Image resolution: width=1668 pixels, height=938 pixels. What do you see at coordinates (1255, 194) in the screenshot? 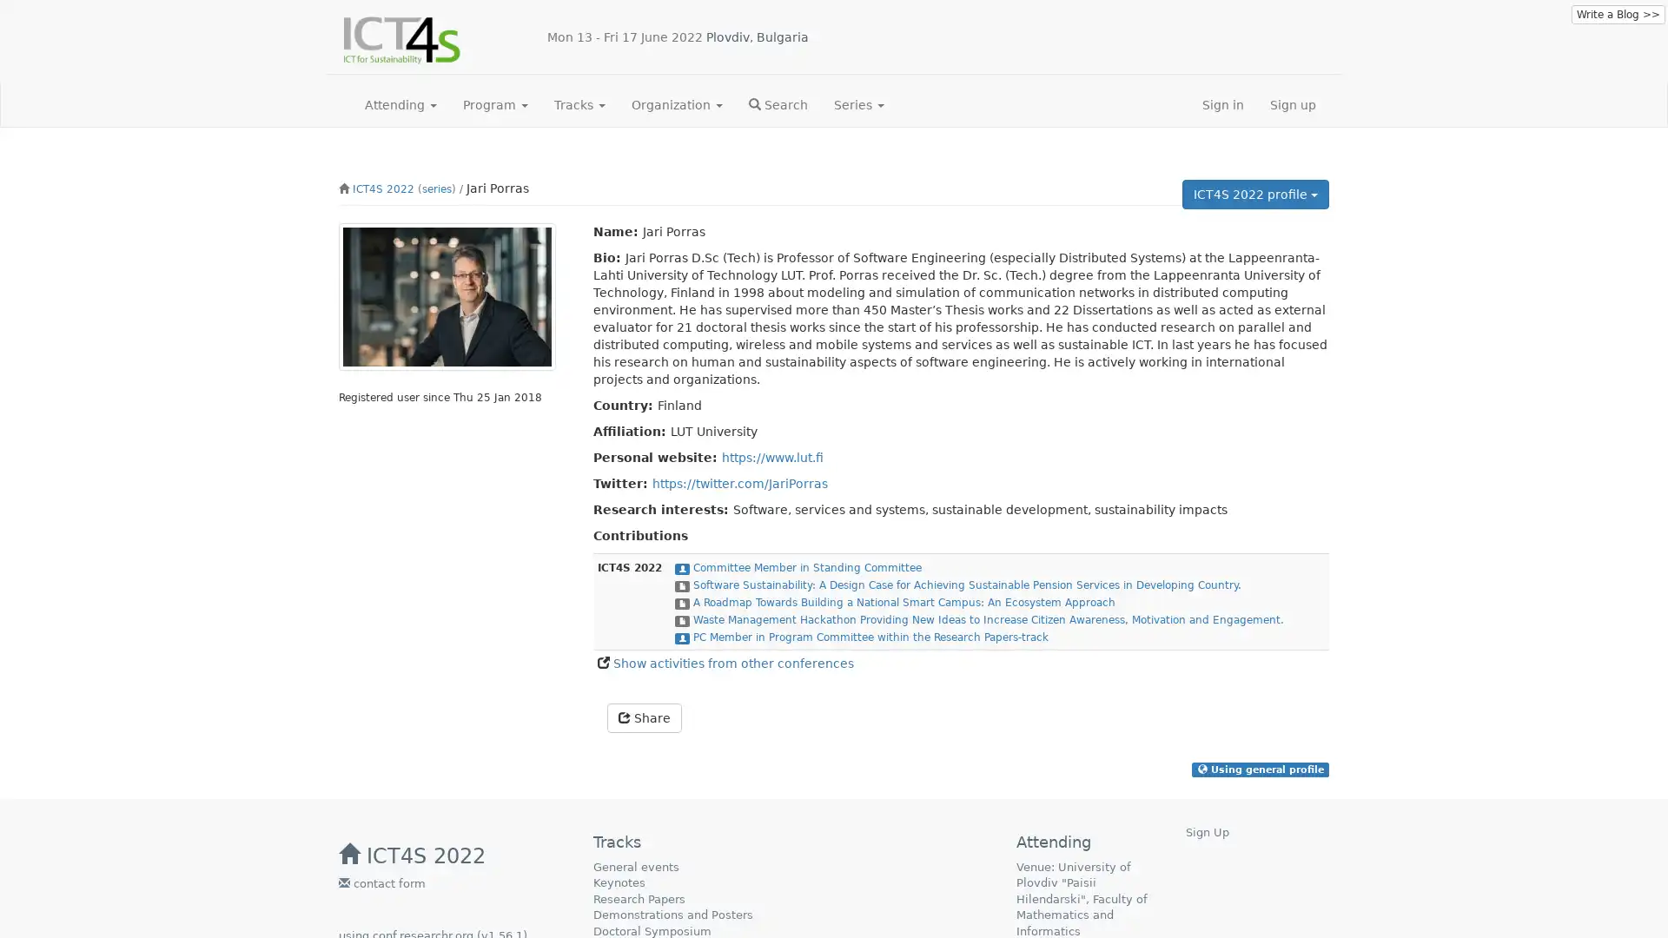
I see `ICT4S 2022 profile` at bounding box center [1255, 194].